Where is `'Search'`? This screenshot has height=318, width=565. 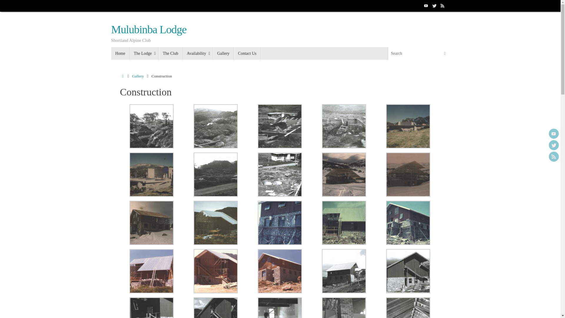
'Search' is located at coordinates (440, 53).